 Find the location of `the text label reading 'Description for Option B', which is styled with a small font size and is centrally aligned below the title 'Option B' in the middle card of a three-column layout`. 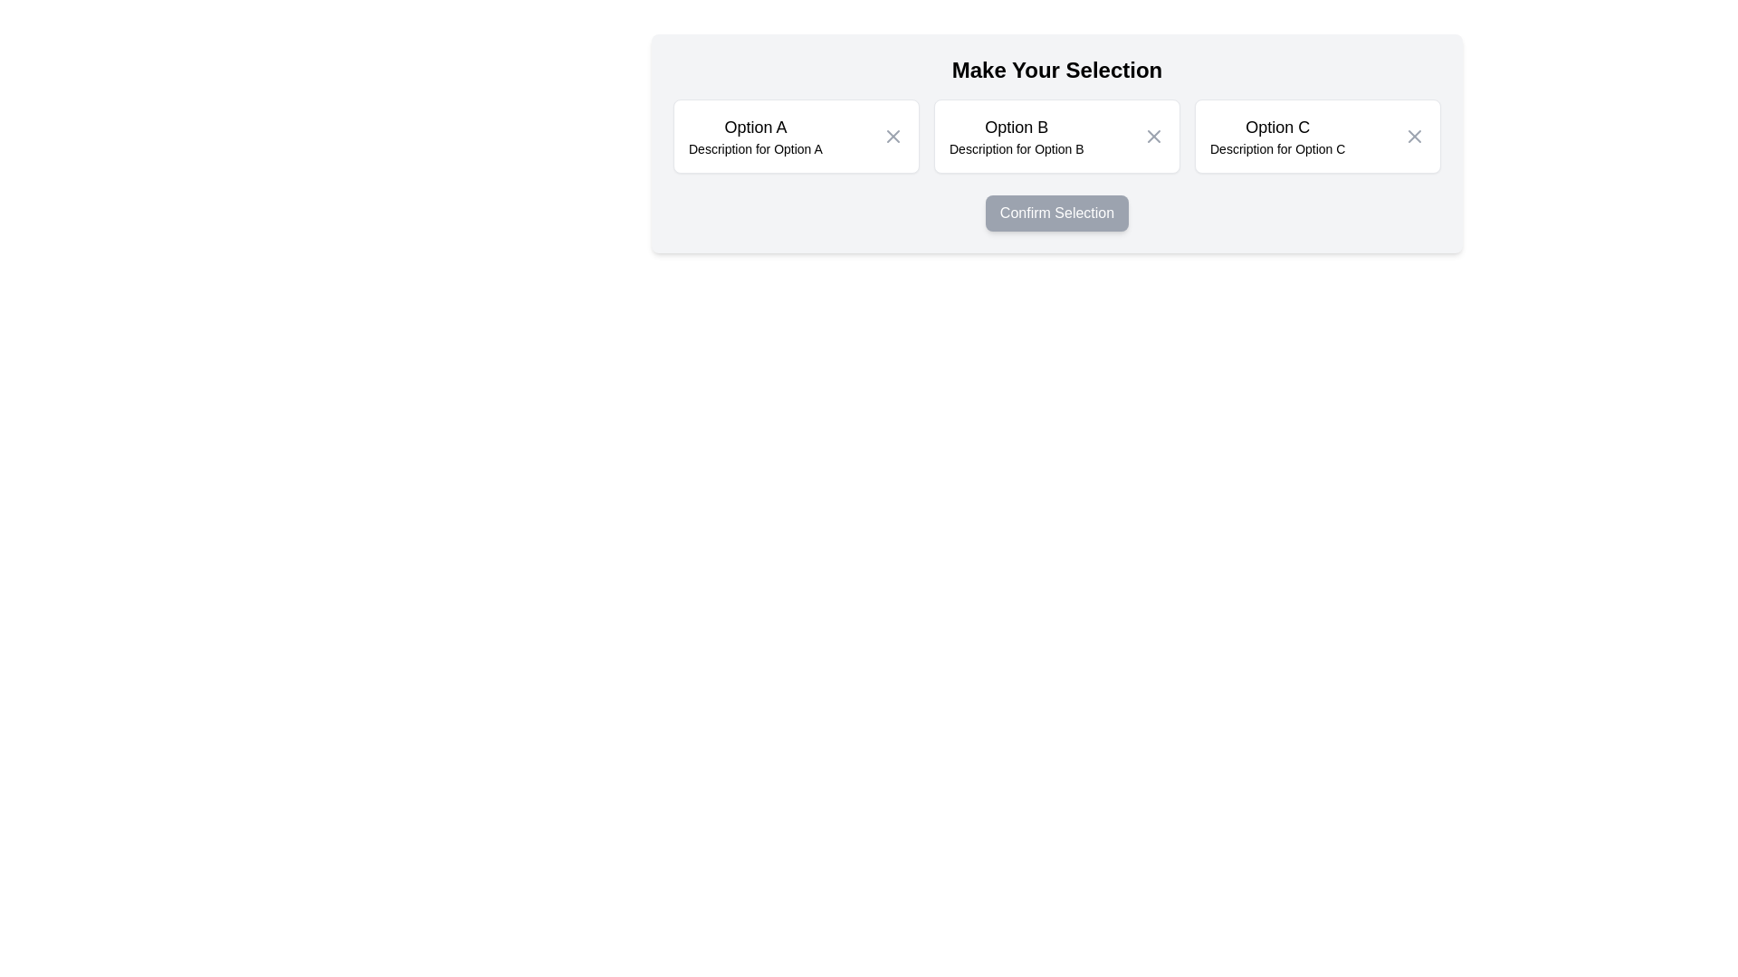

the text label reading 'Description for Option B', which is styled with a small font size and is centrally aligned below the title 'Option B' in the middle card of a three-column layout is located at coordinates (1017, 148).